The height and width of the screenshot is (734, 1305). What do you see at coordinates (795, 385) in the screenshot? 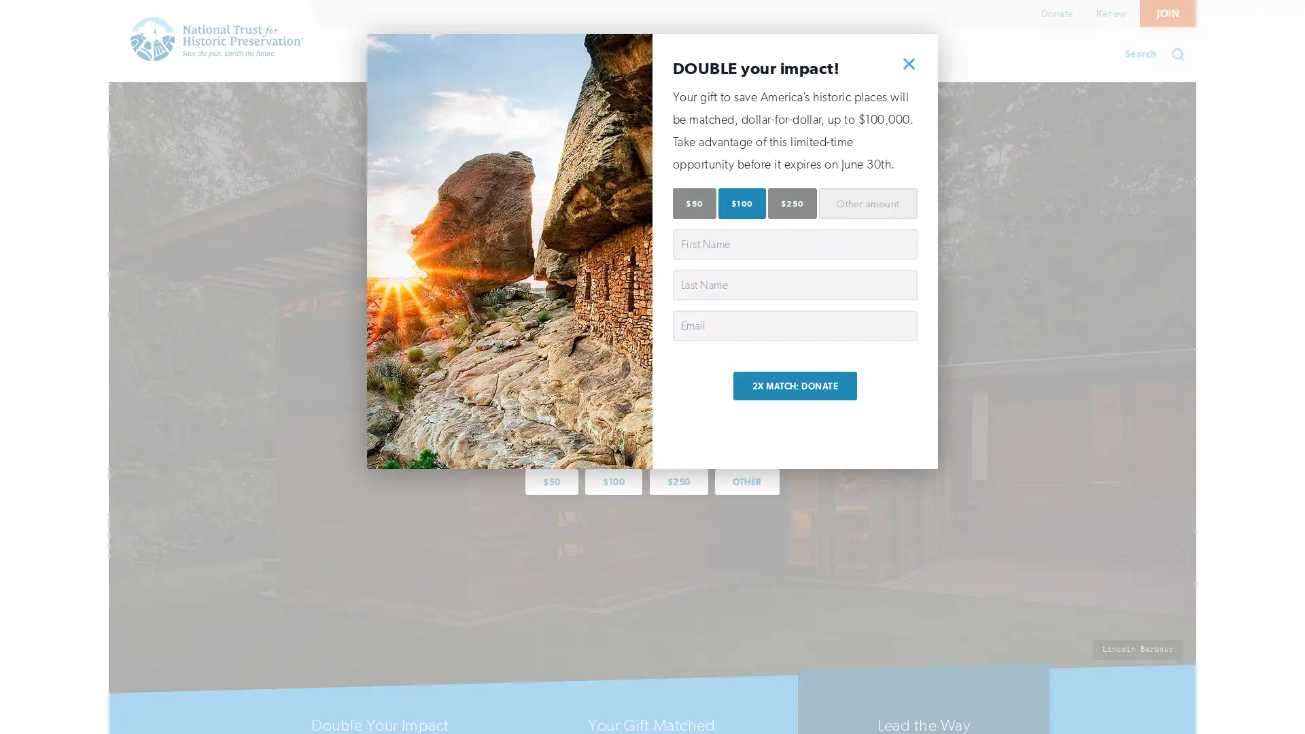
I see `2X MATCH: DONATE` at bounding box center [795, 385].